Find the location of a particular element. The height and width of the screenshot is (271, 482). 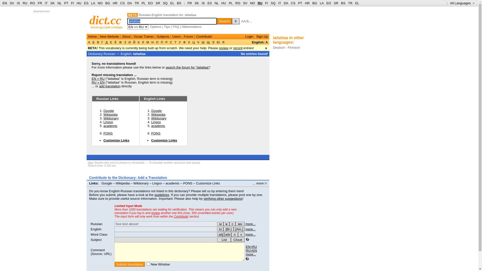

'PONS' is located at coordinates (187, 183).